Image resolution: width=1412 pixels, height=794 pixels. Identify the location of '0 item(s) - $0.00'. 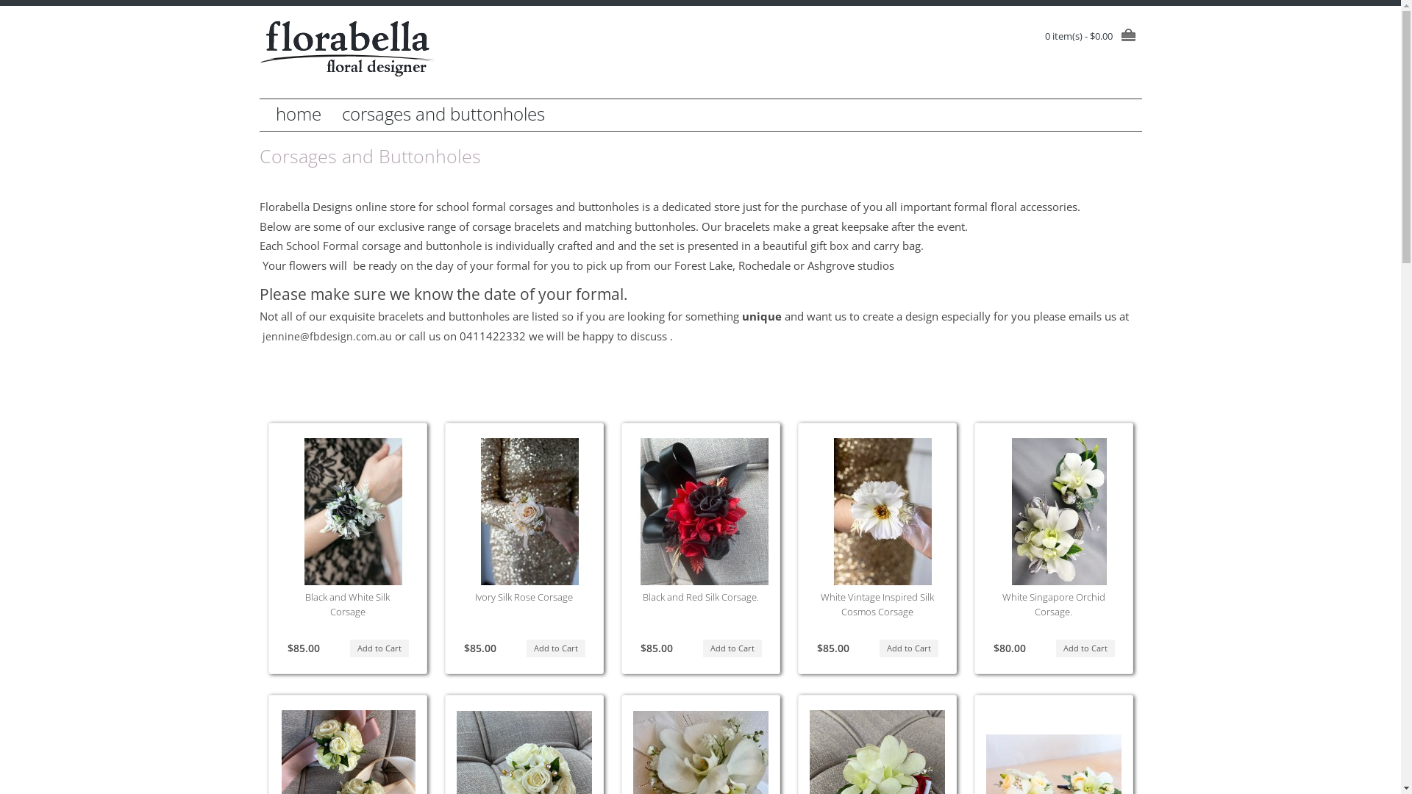
(1093, 35).